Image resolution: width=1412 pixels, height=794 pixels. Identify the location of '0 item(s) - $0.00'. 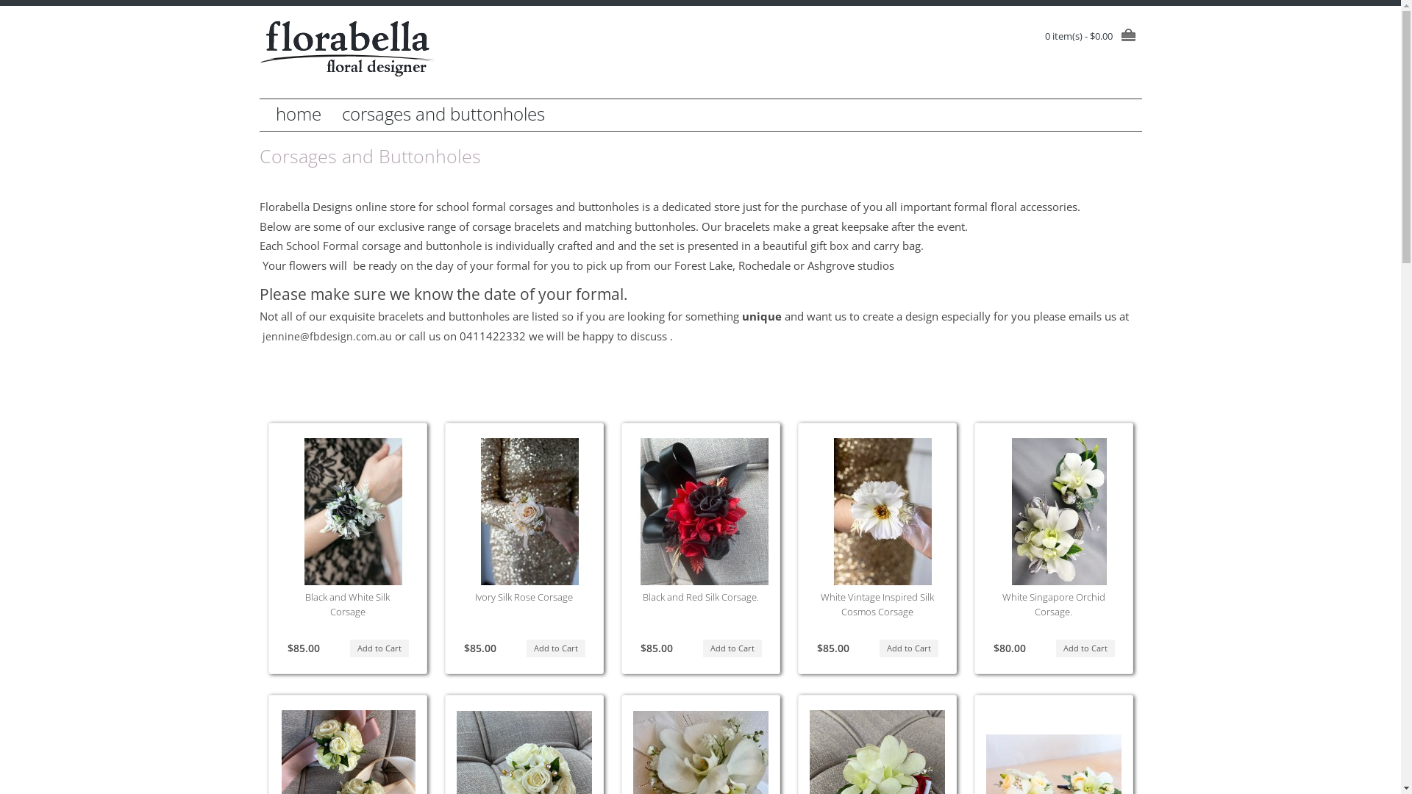
(1093, 35).